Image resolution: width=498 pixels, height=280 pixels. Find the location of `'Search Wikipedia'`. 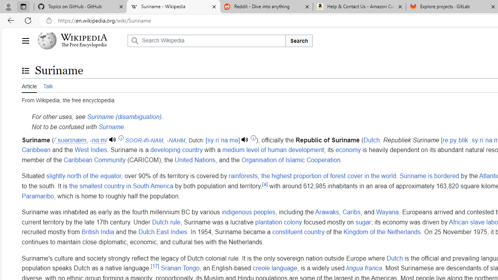

'Search Wikipedia' is located at coordinates (207, 41).